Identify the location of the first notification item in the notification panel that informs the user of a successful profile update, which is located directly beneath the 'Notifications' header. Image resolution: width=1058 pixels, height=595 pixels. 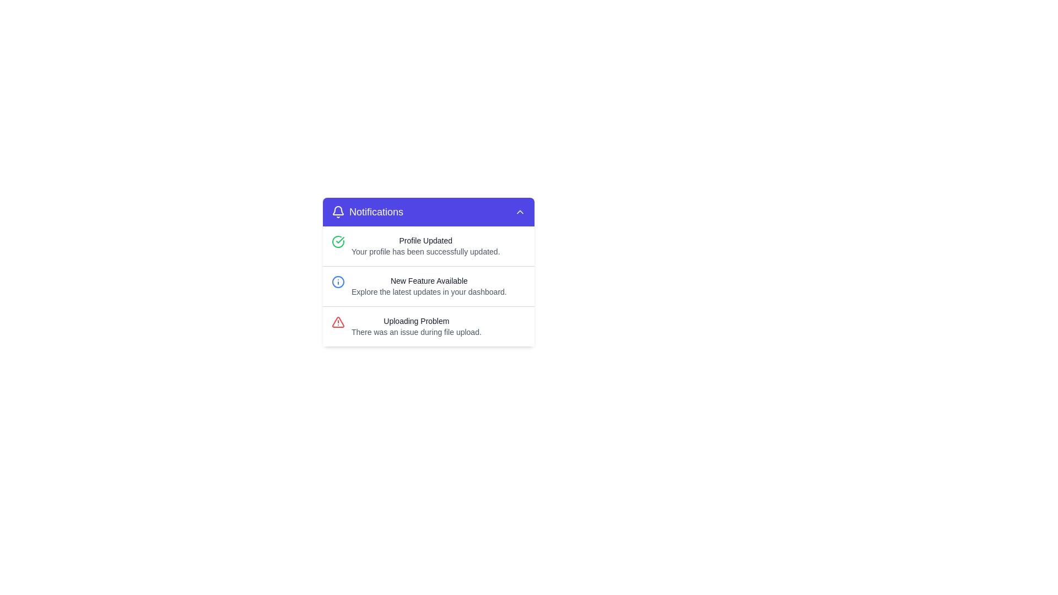
(428, 246).